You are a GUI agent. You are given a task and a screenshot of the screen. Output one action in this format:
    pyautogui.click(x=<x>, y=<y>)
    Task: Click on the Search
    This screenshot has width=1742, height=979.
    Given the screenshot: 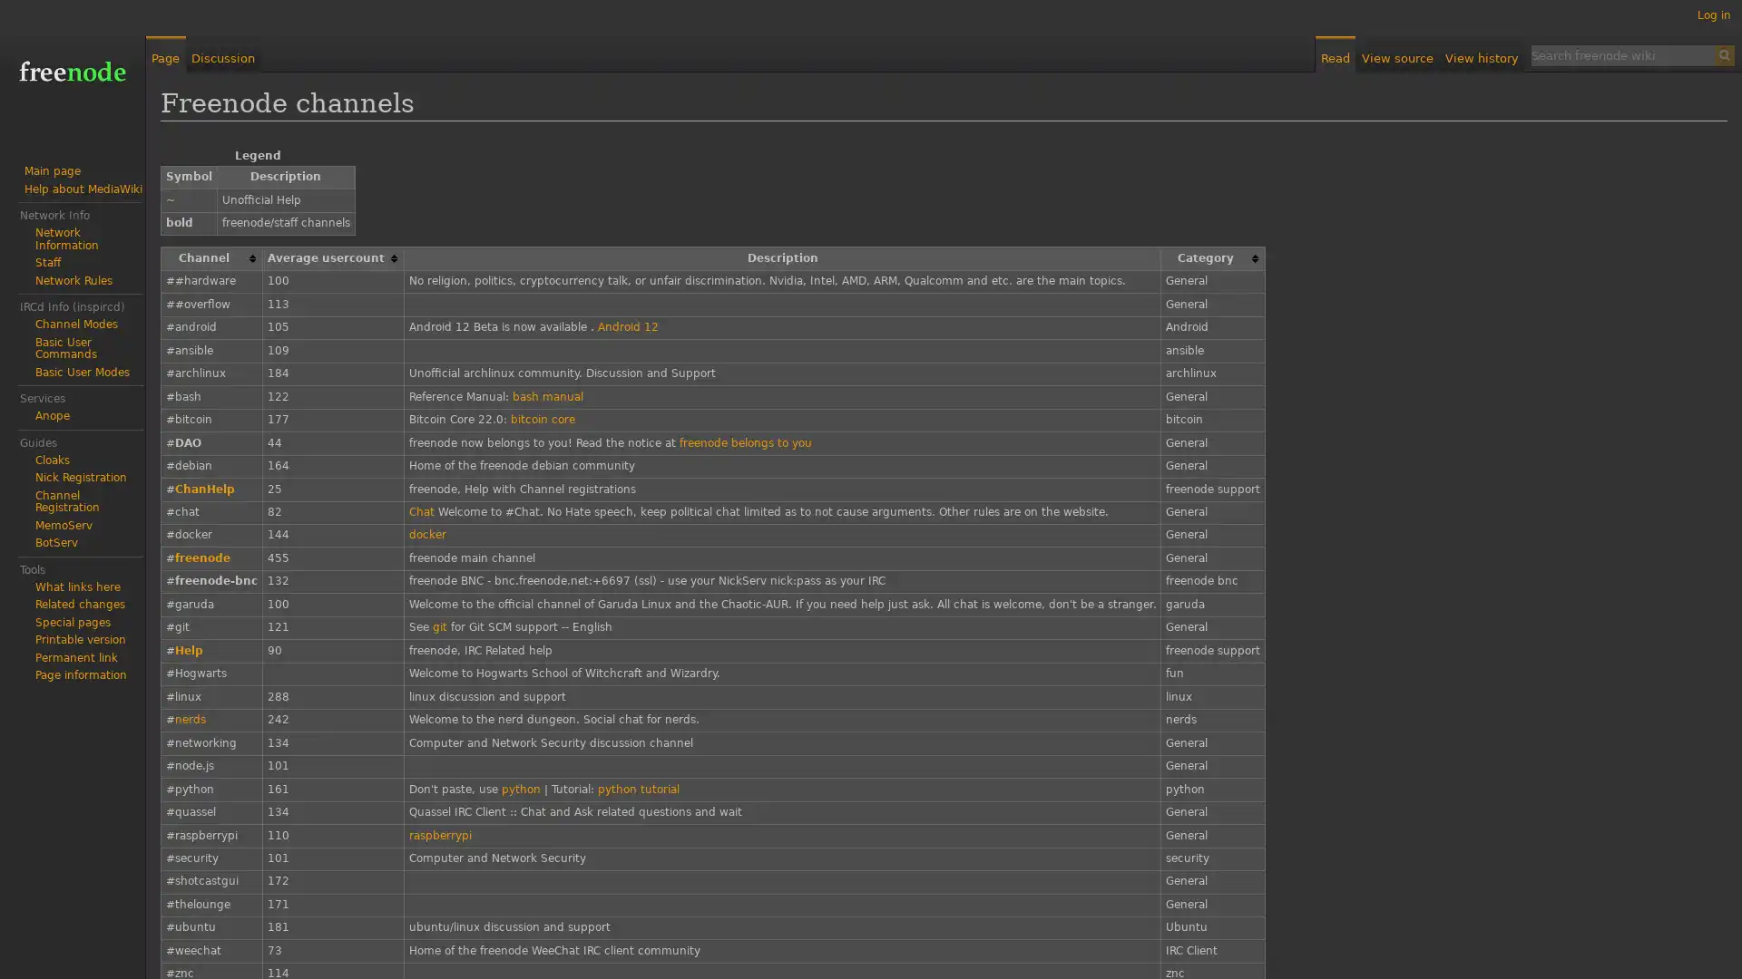 What is the action you would take?
    pyautogui.click(x=1723, y=54)
    